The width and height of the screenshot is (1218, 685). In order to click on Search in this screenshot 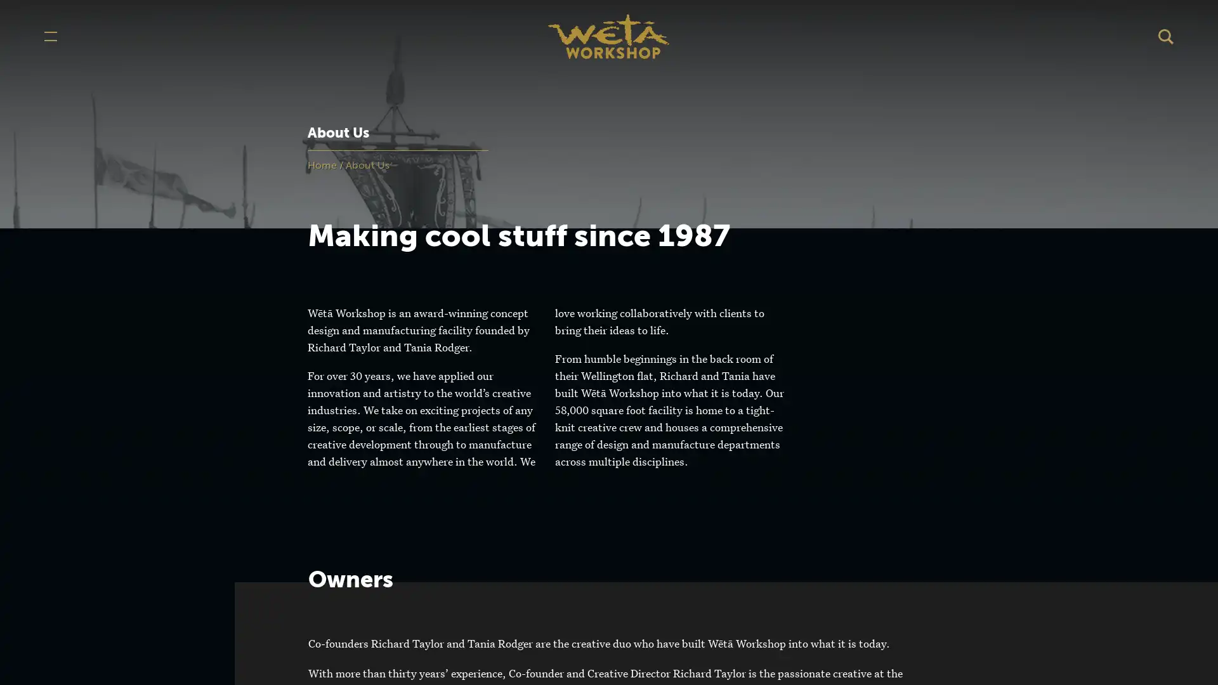, I will do `click(1166, 36)`.